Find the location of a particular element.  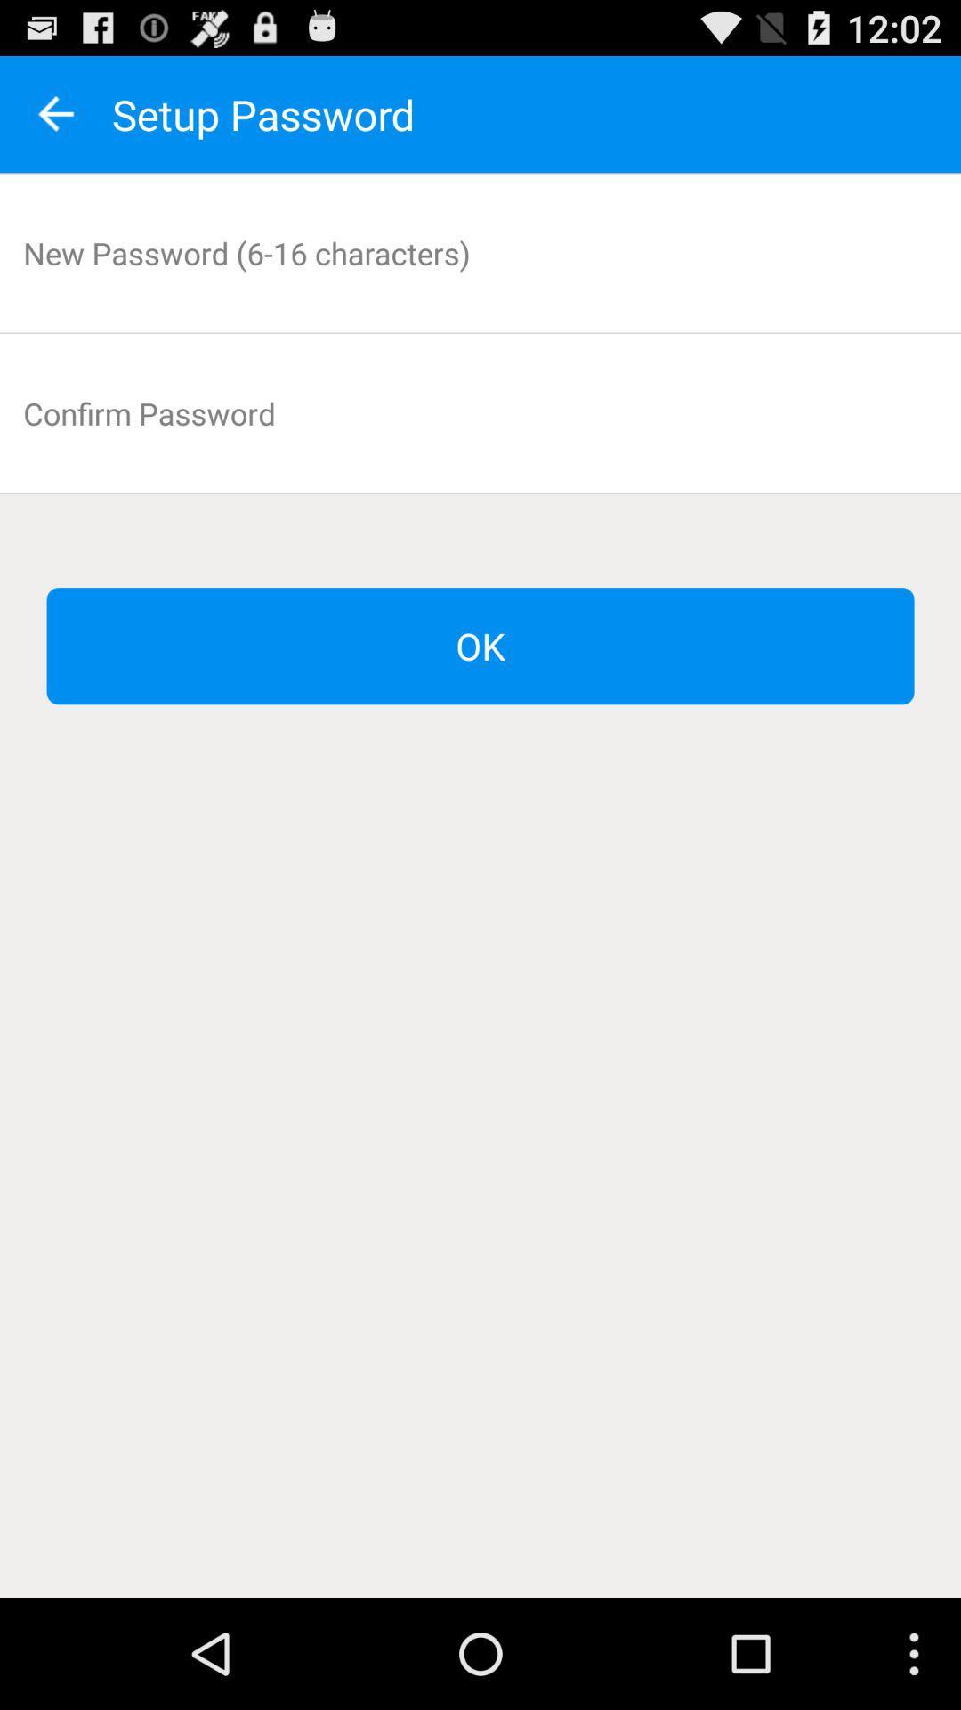

open confirm password box is located at coordinates (480, 412).